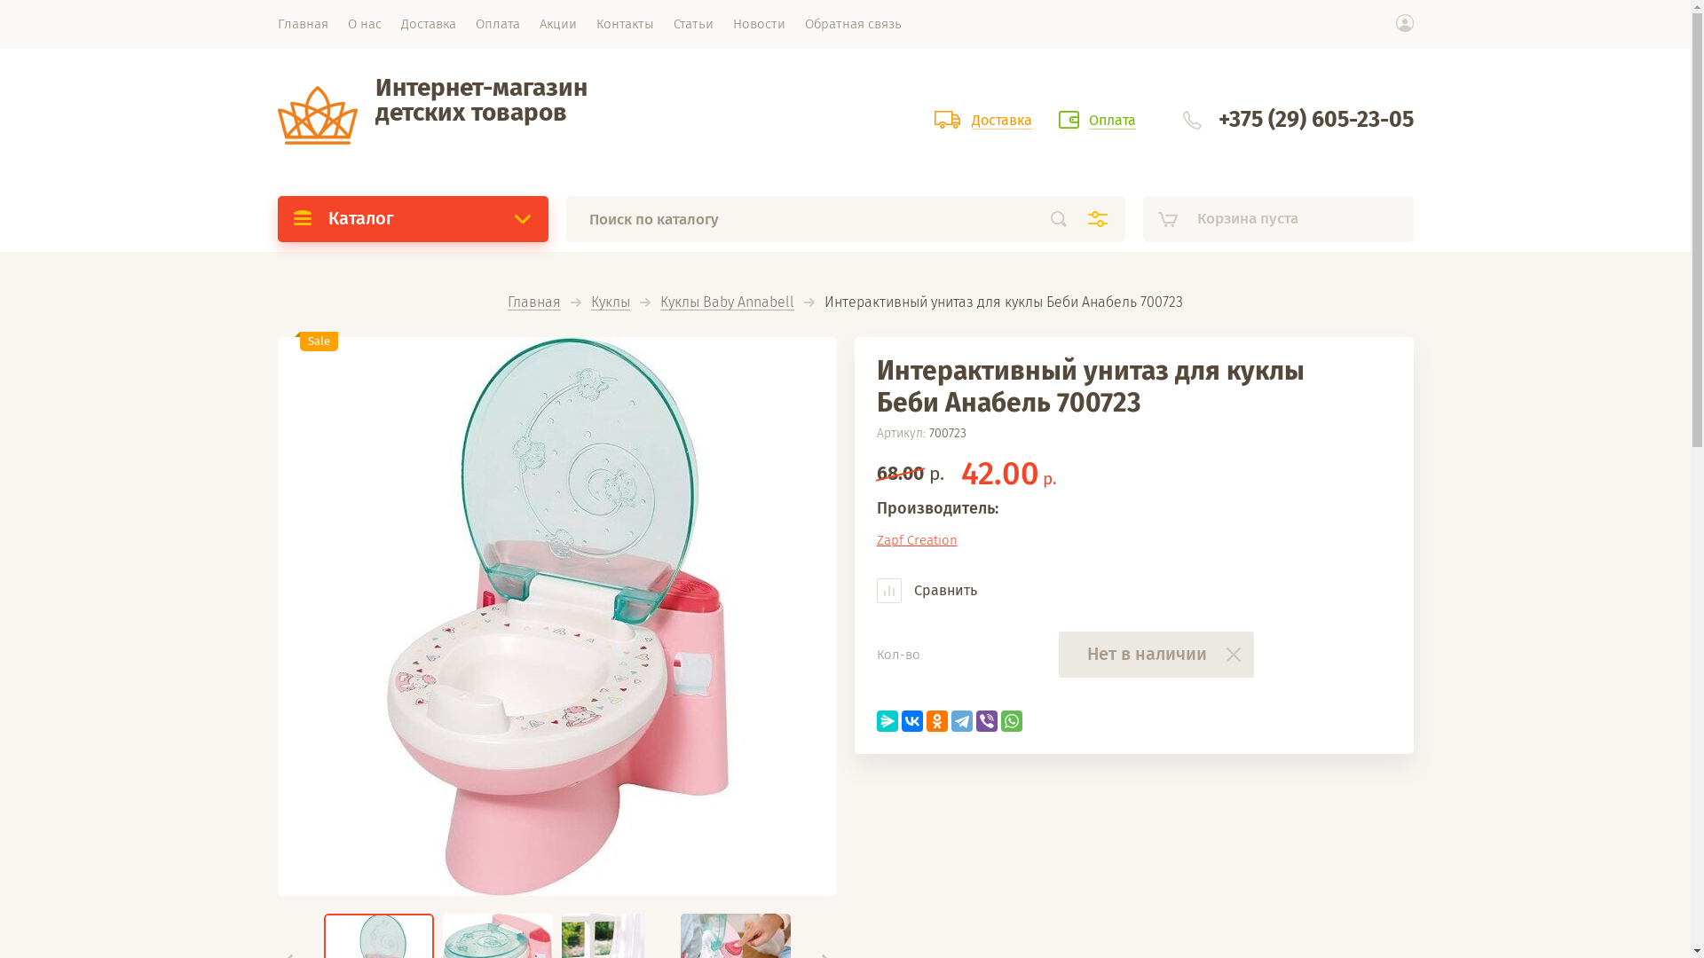 Image resolution: width=1704 pixels, height=958 pixels. Describe the element at coordinates (877, 539) in the screenshot. I see `'Zapf Creation'` at that location.